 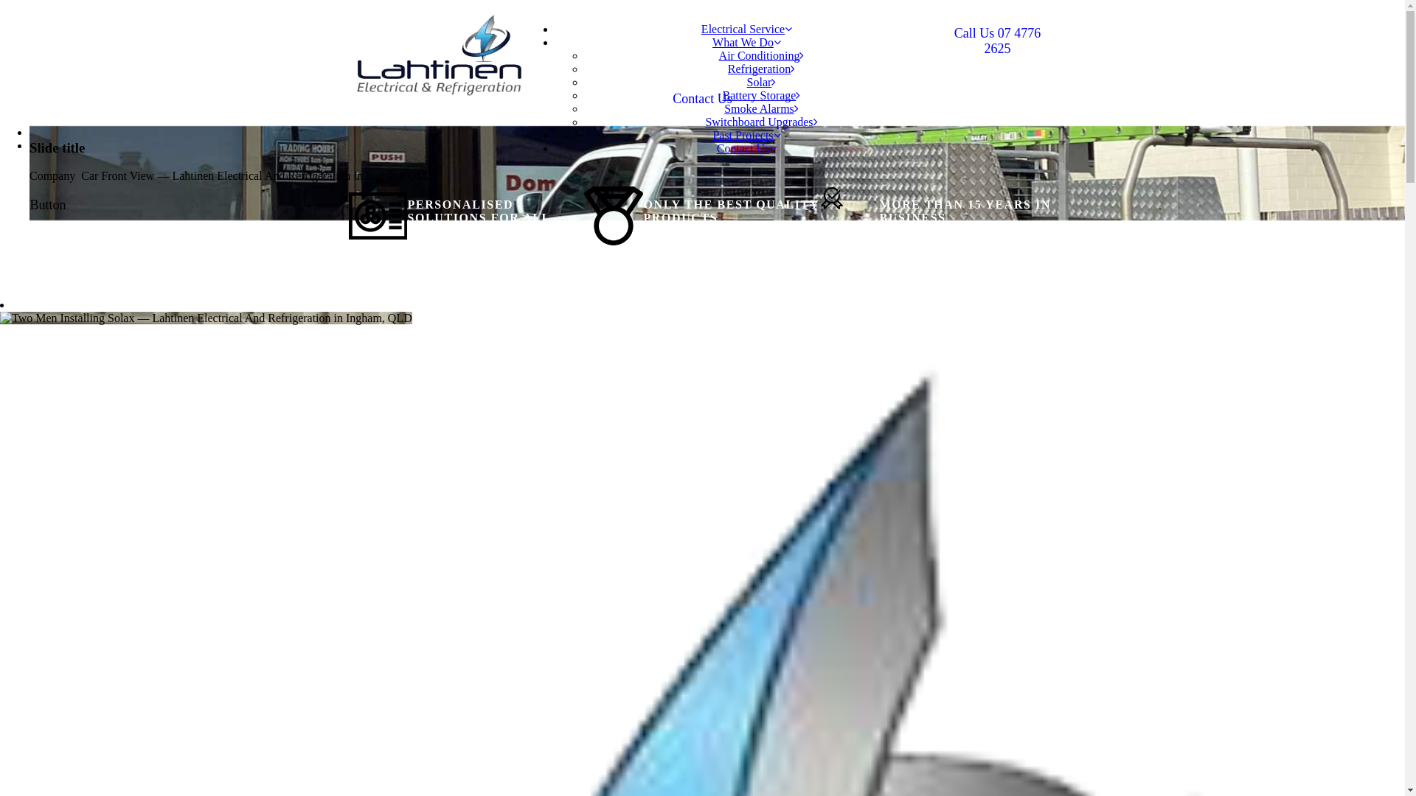 What do you see at coordinates (722, 95) in the screenshot?
I see `'Battery Storage'` at bounding box center [722, 95].